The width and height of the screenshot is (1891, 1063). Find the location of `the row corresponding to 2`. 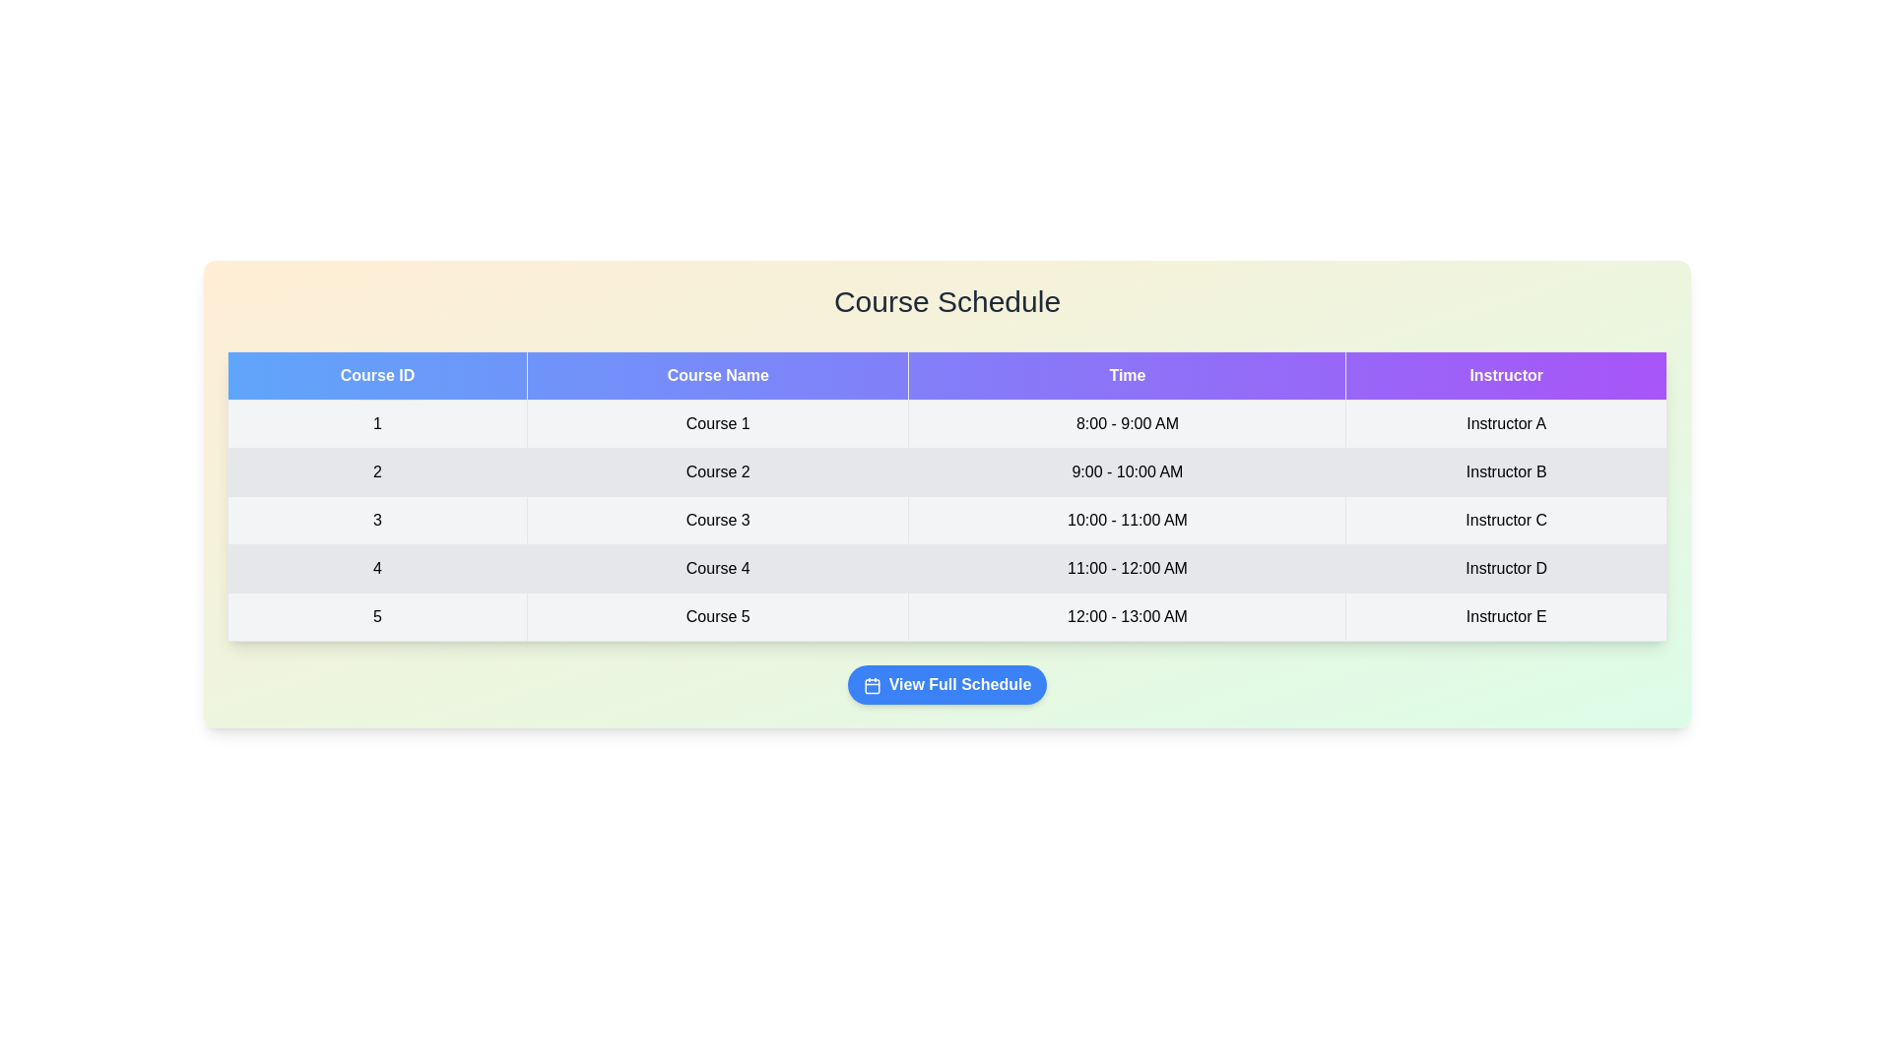

the row corresponding to 2 is located at coordinates (946, 471).